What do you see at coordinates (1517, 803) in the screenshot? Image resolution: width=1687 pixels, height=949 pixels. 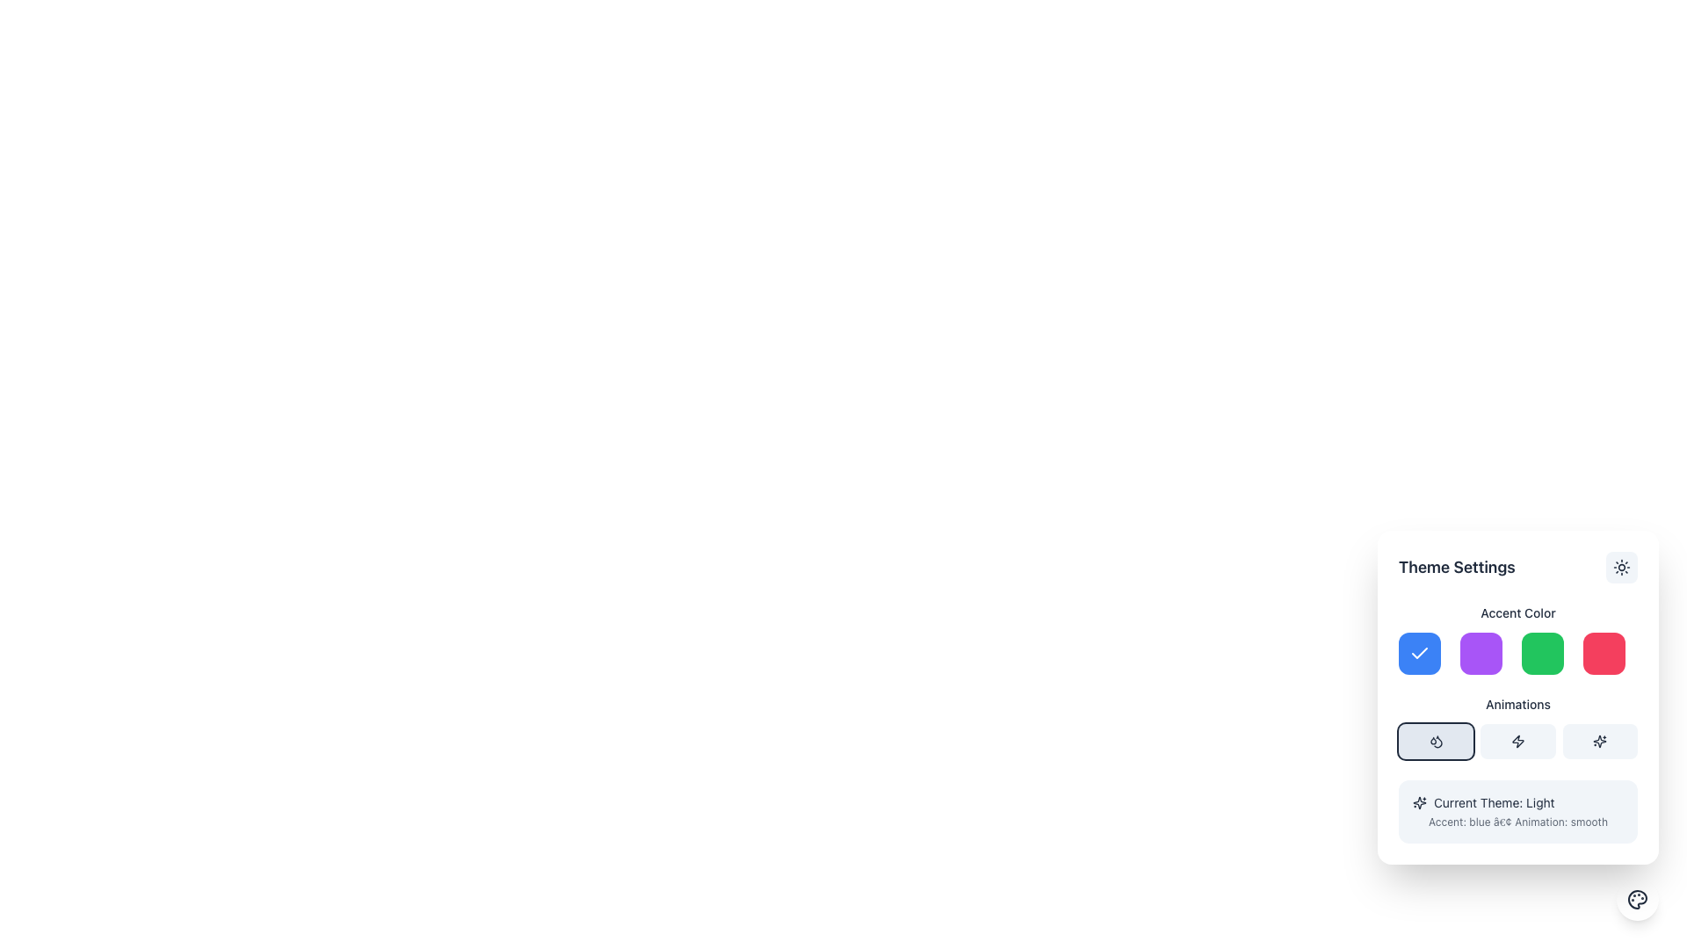 I see `the static informational label indicating the current theme setting, which displays 'Light', located in the 'Theme Settings' panel below 'Accent Color' and 'Animations'` at bounding box center [1517, 803].